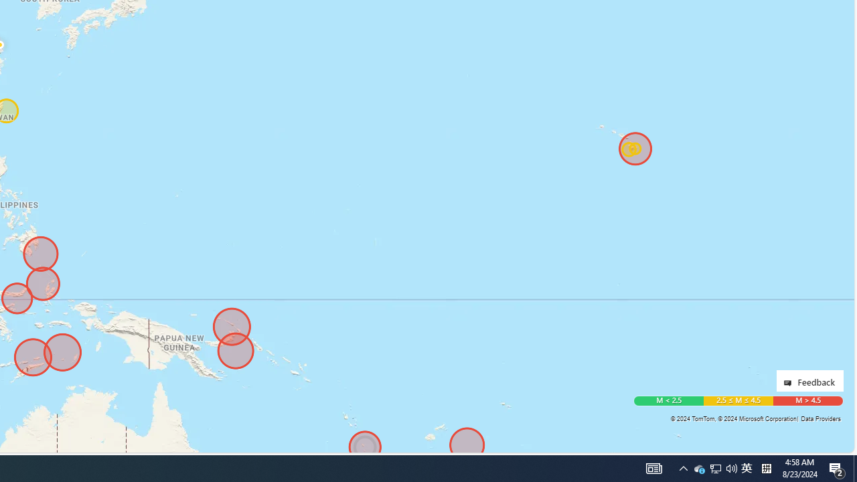  What do you see at coordinates (790, 383) in the screenshot?
I see `'Class: feedback_link_icon-DS-EntryPoint1-1'` at bounding box center [790, 383].